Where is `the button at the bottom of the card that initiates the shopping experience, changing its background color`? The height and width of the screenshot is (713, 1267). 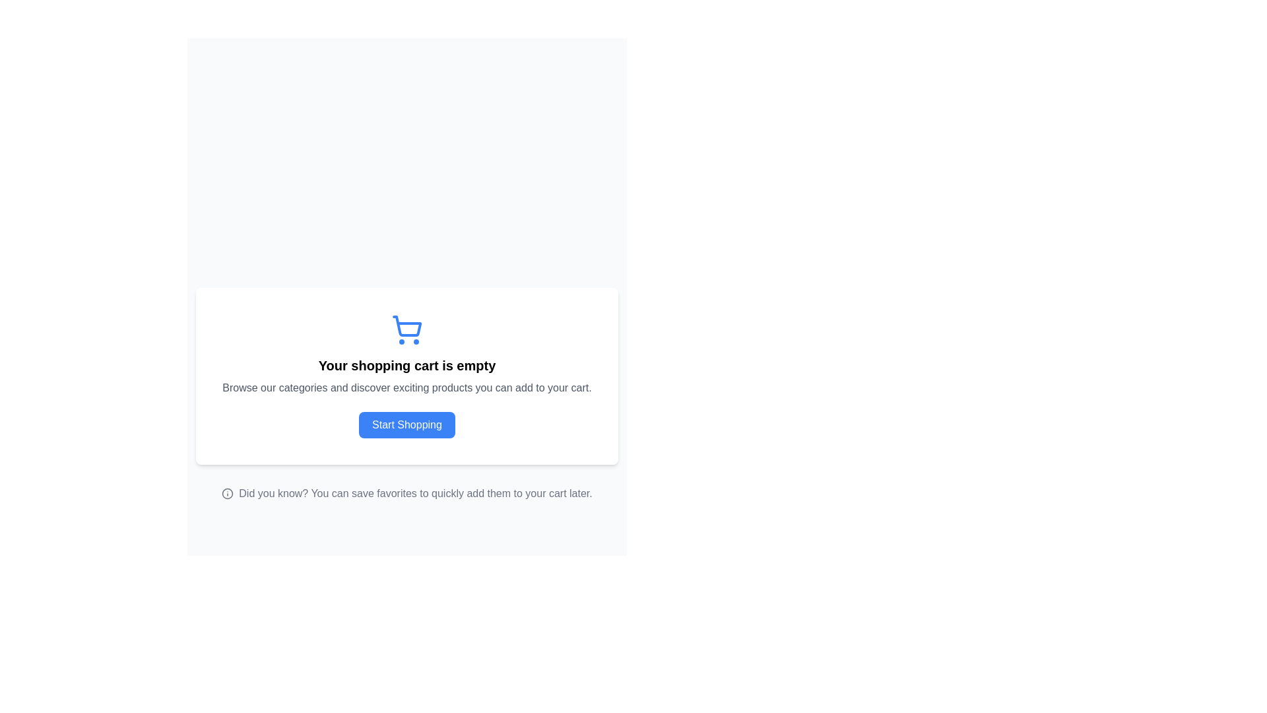
the button at the bottom of the card that initiates the shopping experience, changing its background color is located at coordinates (406, 425).